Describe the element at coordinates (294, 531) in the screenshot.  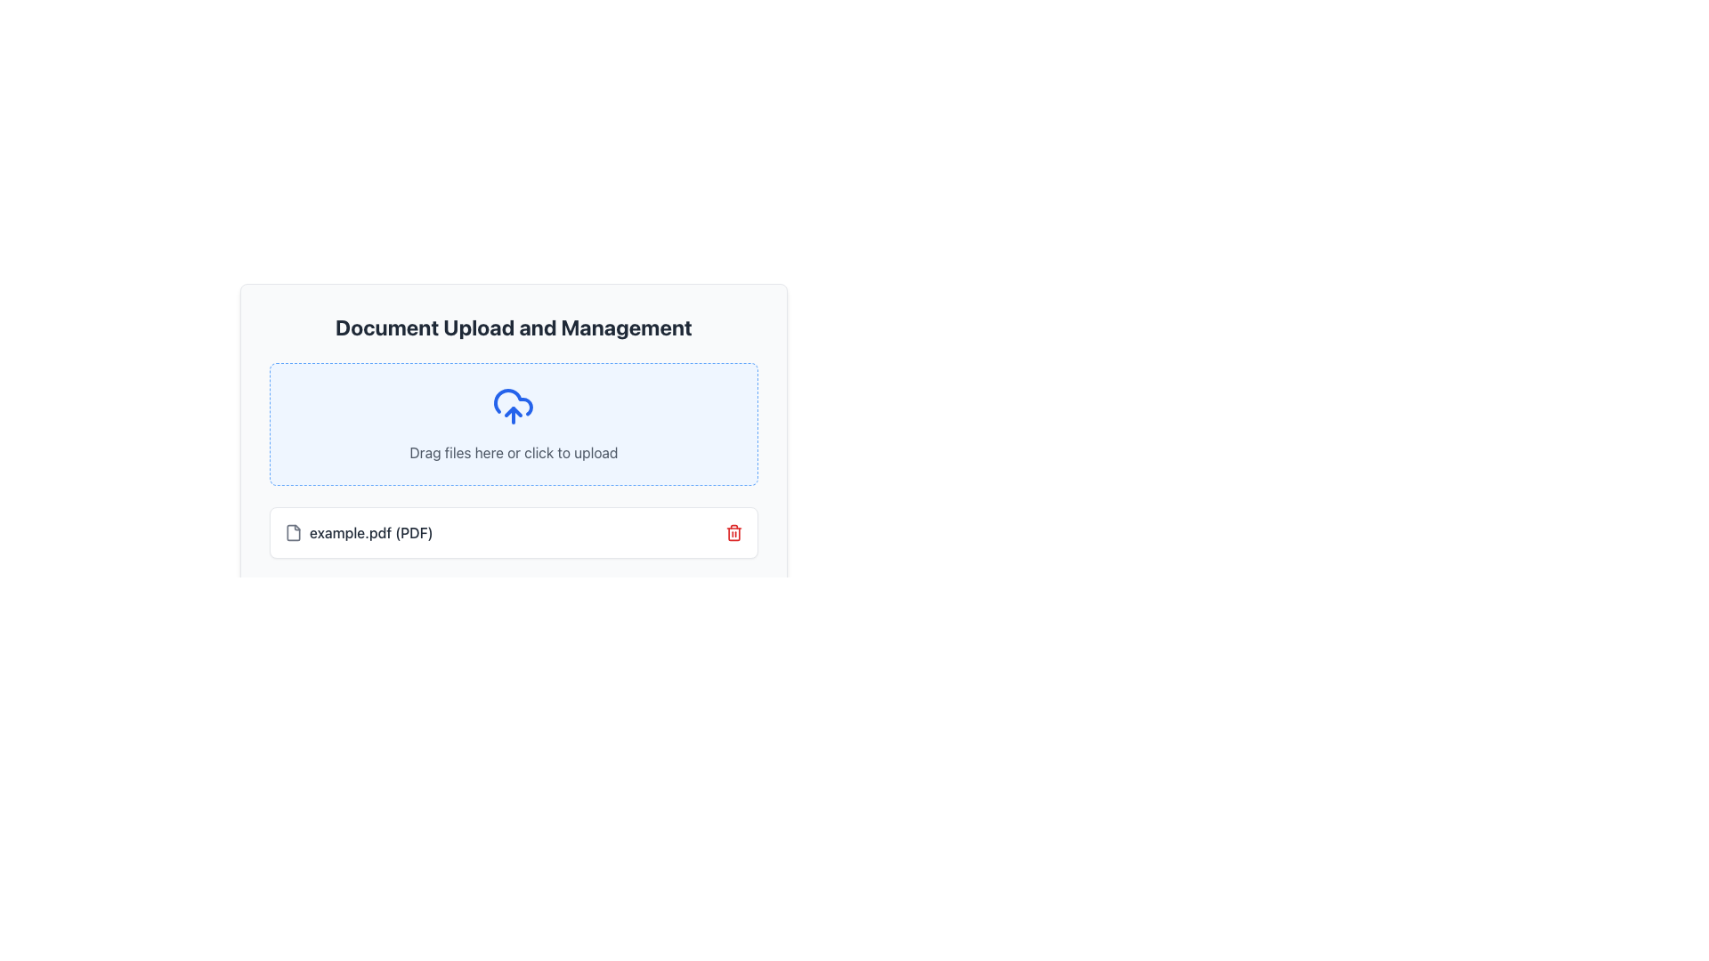
I see `the rectangular file icon with a folded corner located beside the filename 'example.pdf (PDF)' in the document management interface` at that location.